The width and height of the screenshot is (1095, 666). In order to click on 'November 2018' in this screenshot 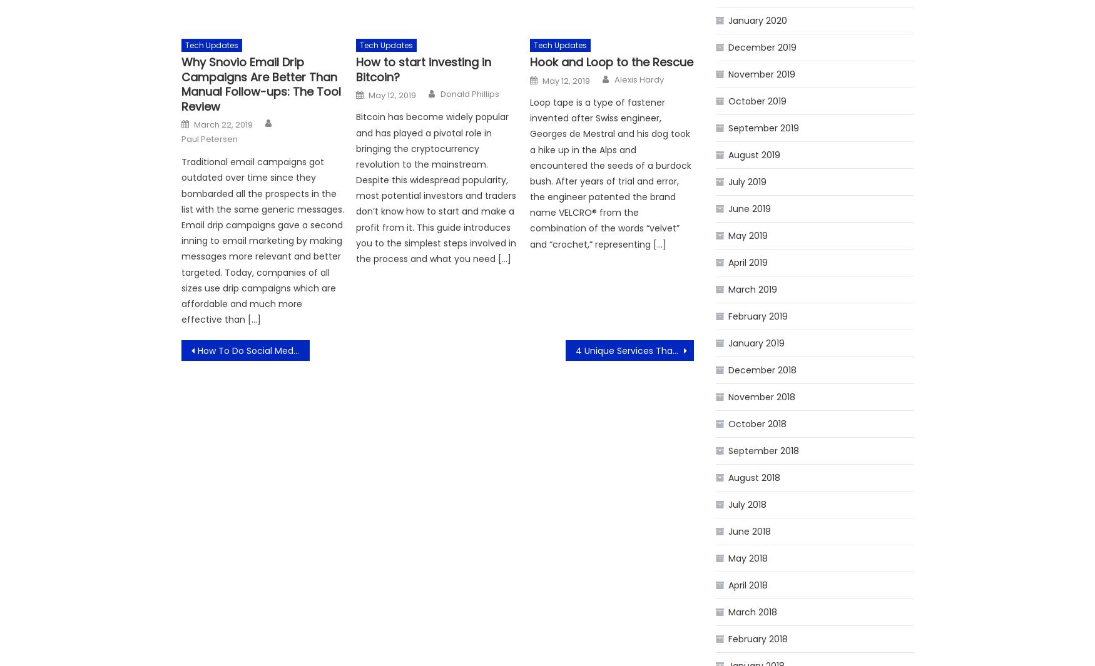, I will do `click(761, 396)`.